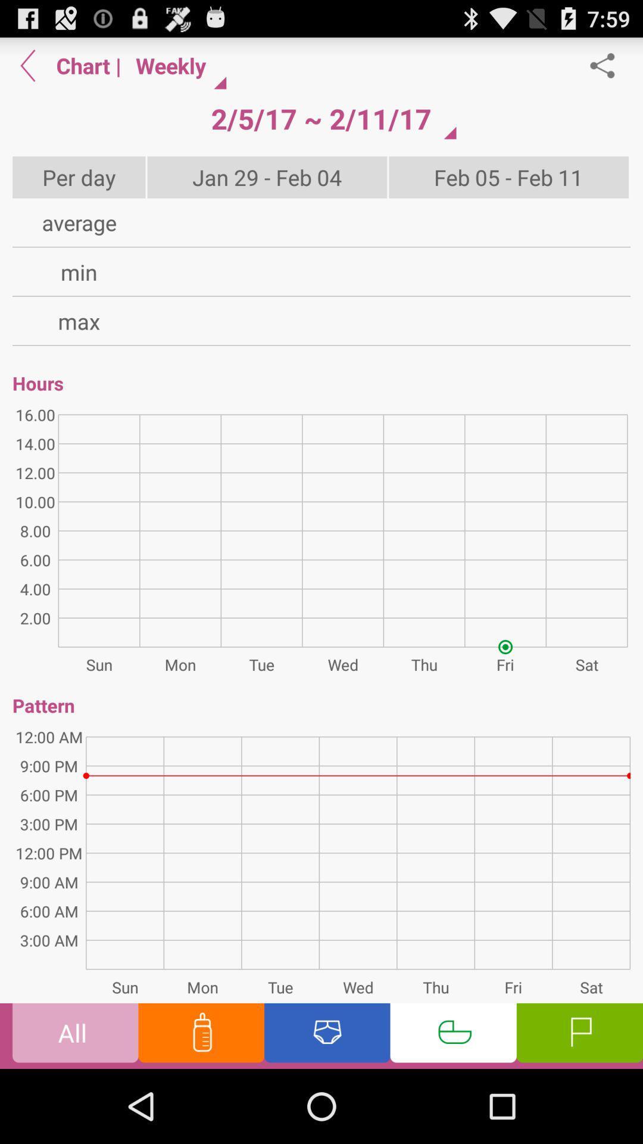  What do you see at coordinates (27, 70) in the screenshot?
I see `the arrow_backward icon` at bounding box center [27, 70].